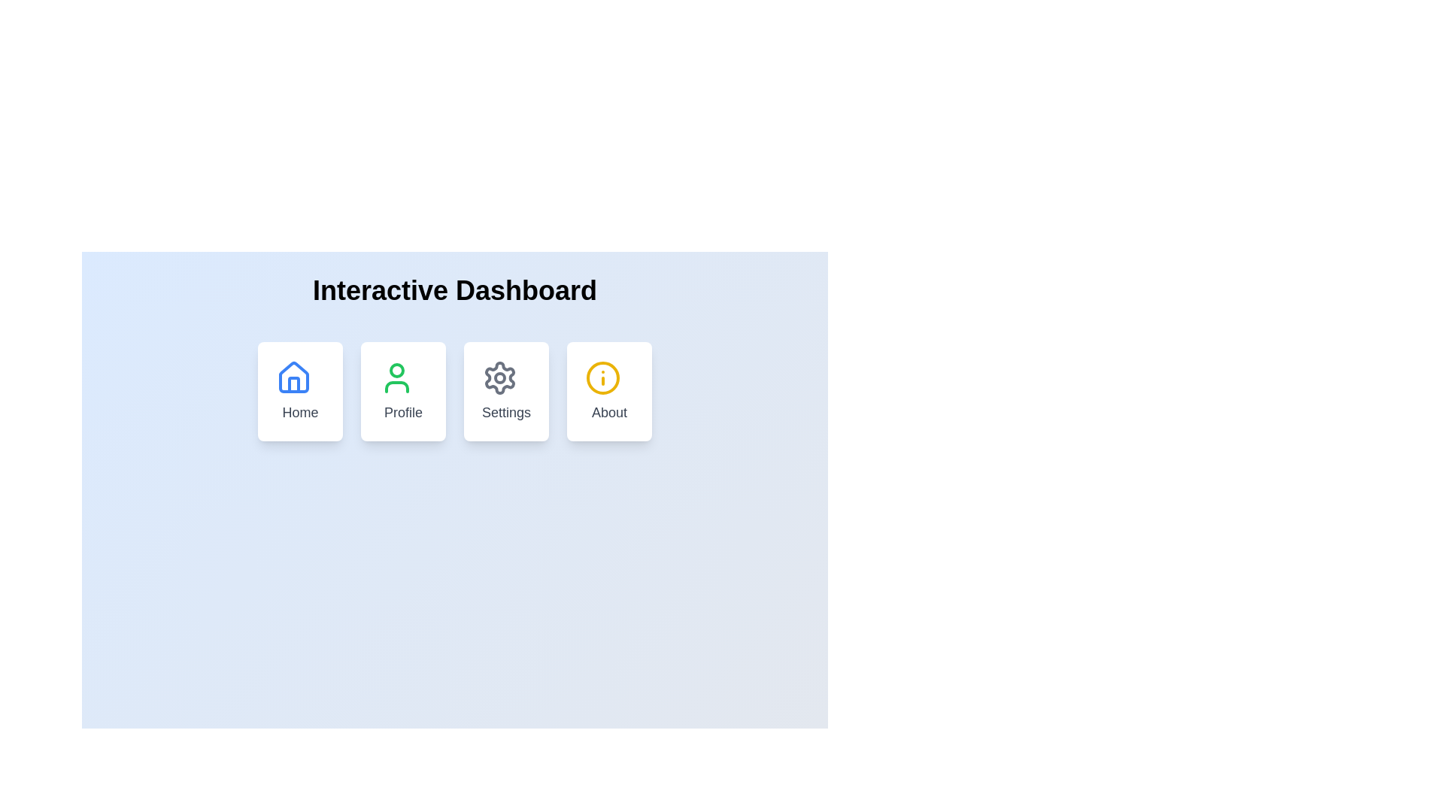 The image size is (1444, 812). What do you see at coordinates (293, 376) in the screenshot?
I see `the outer 'house' shape of the first icon in the UI group, which symbolizes 'Home'` at bounding box center [293, 376].